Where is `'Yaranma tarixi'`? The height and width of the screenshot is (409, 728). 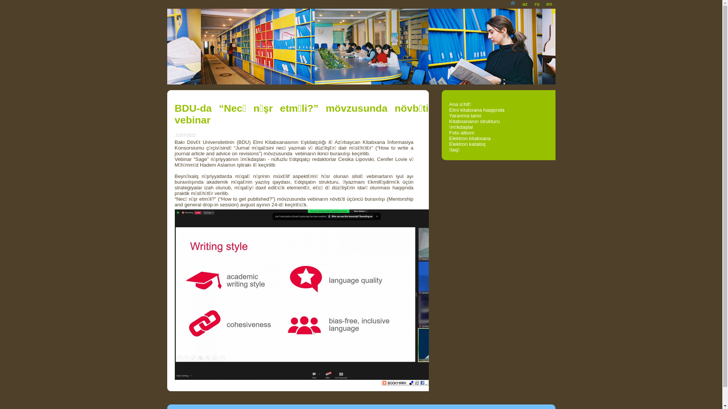
'Yaranma tarixi' is located at coordinates (464, 116).